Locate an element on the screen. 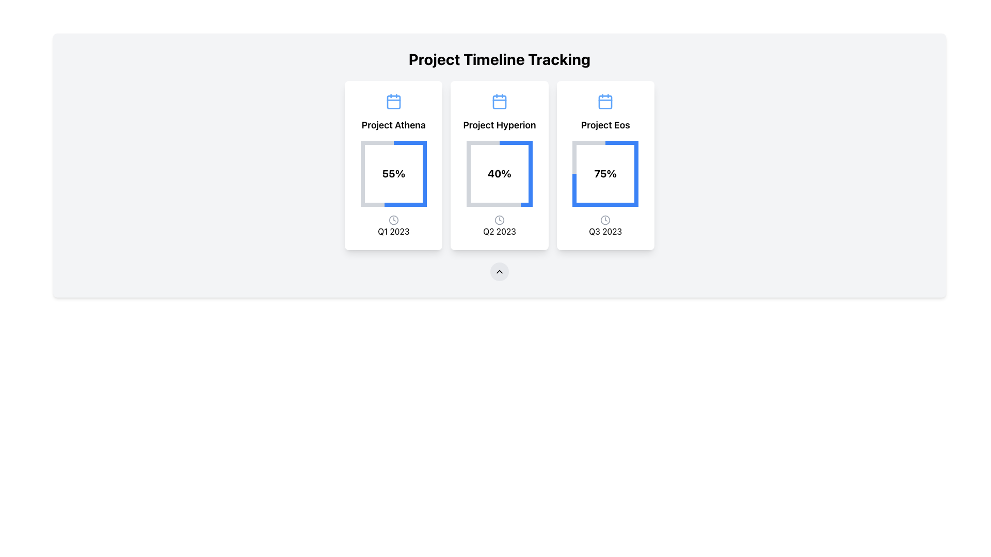 The image size is (991, 557). the circular progress indicator displaying '75%' in the center, which is located within the 'Project Eos' card is located at coordinates (605, 173).